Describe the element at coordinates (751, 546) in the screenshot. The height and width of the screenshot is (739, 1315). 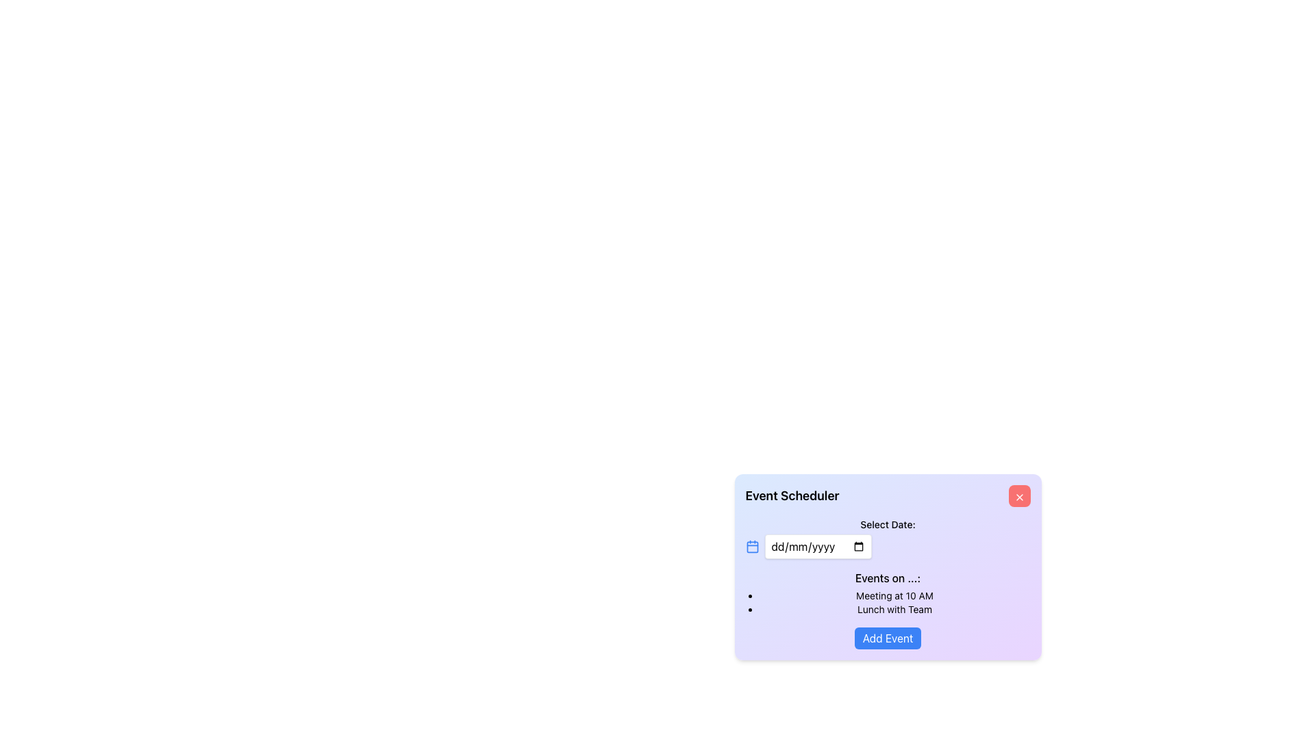
I see `the small rectangle with rounded corners located in the bottom right portion of the calendar icon, positioned to the left of the date text input` at that location.